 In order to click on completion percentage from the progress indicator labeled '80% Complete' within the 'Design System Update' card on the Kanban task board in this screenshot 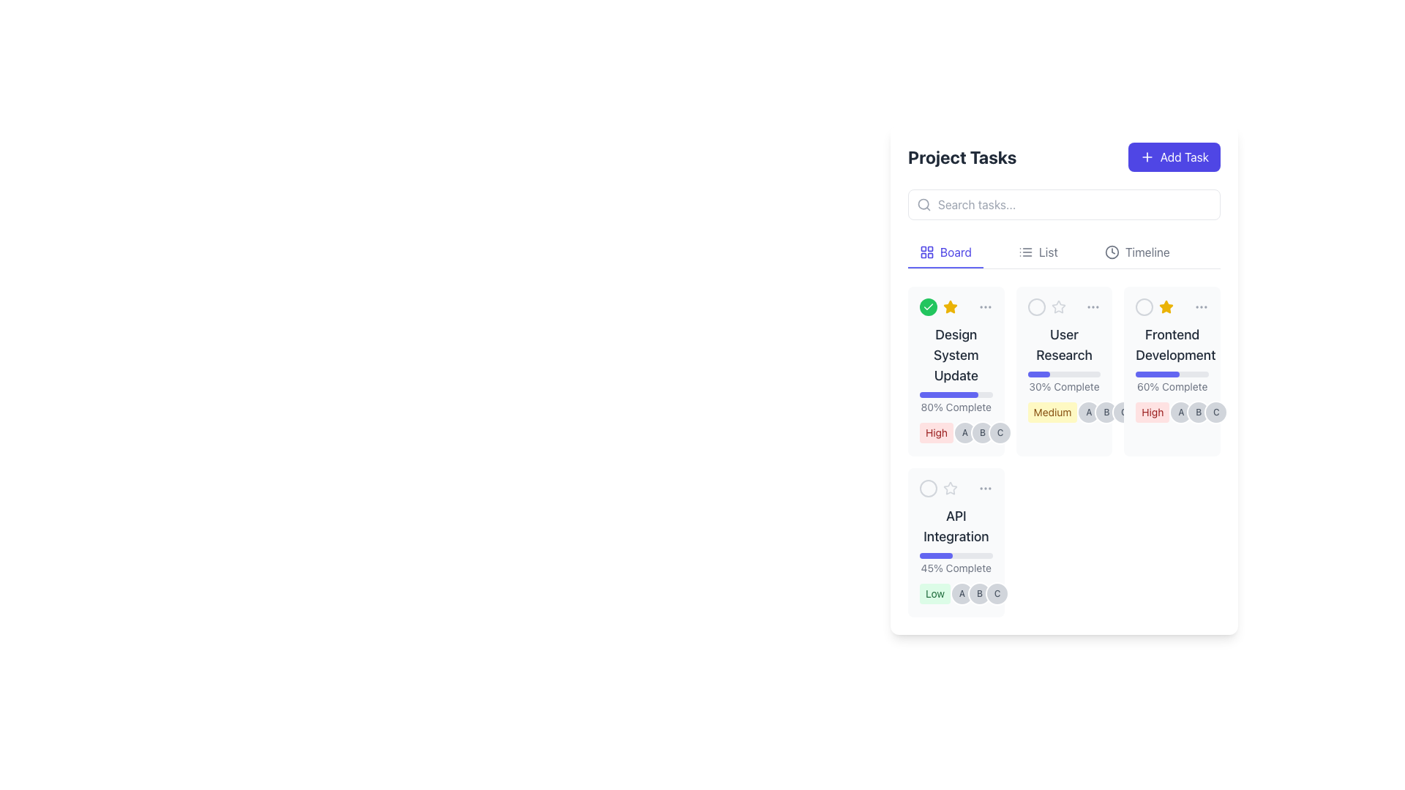, I will do `click(956, 403)`.